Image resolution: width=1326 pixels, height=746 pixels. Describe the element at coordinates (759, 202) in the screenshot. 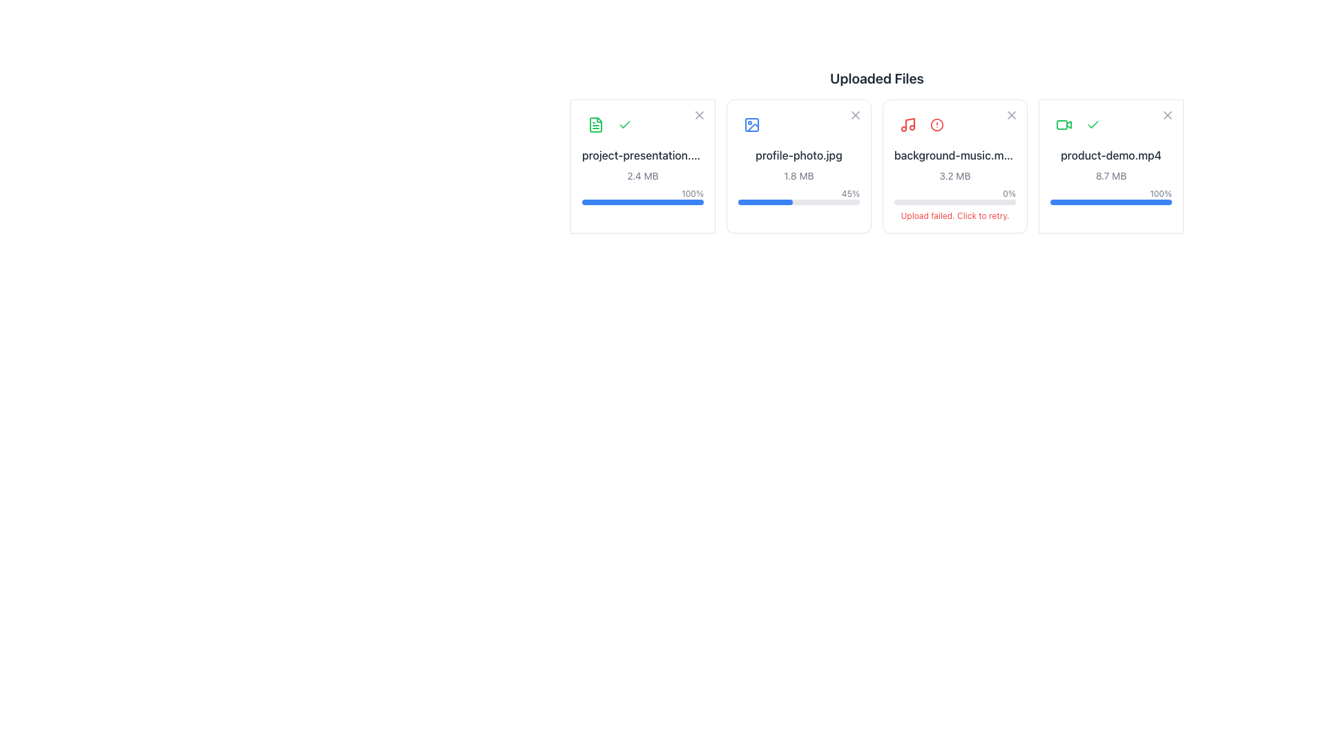

I see `progress bar value` at that location.